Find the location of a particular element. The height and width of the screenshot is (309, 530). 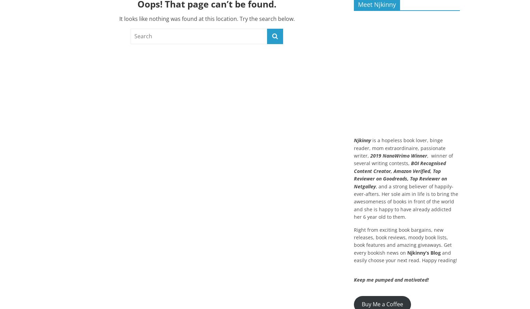

'It looks like nothing was found at this location. Try the search below.' is located at coordinates (207, 18).